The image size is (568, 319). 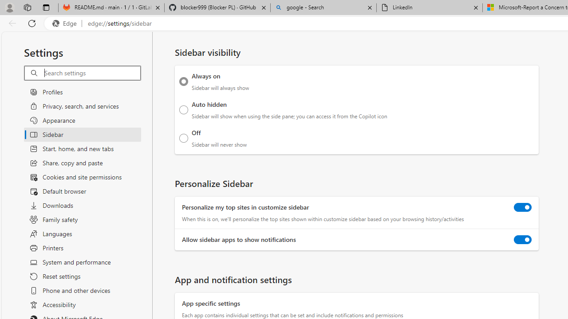 What do you see at coordinates (66, 23) in the screenshot?
I see `'Edge'` at bounding box center [66, 23].